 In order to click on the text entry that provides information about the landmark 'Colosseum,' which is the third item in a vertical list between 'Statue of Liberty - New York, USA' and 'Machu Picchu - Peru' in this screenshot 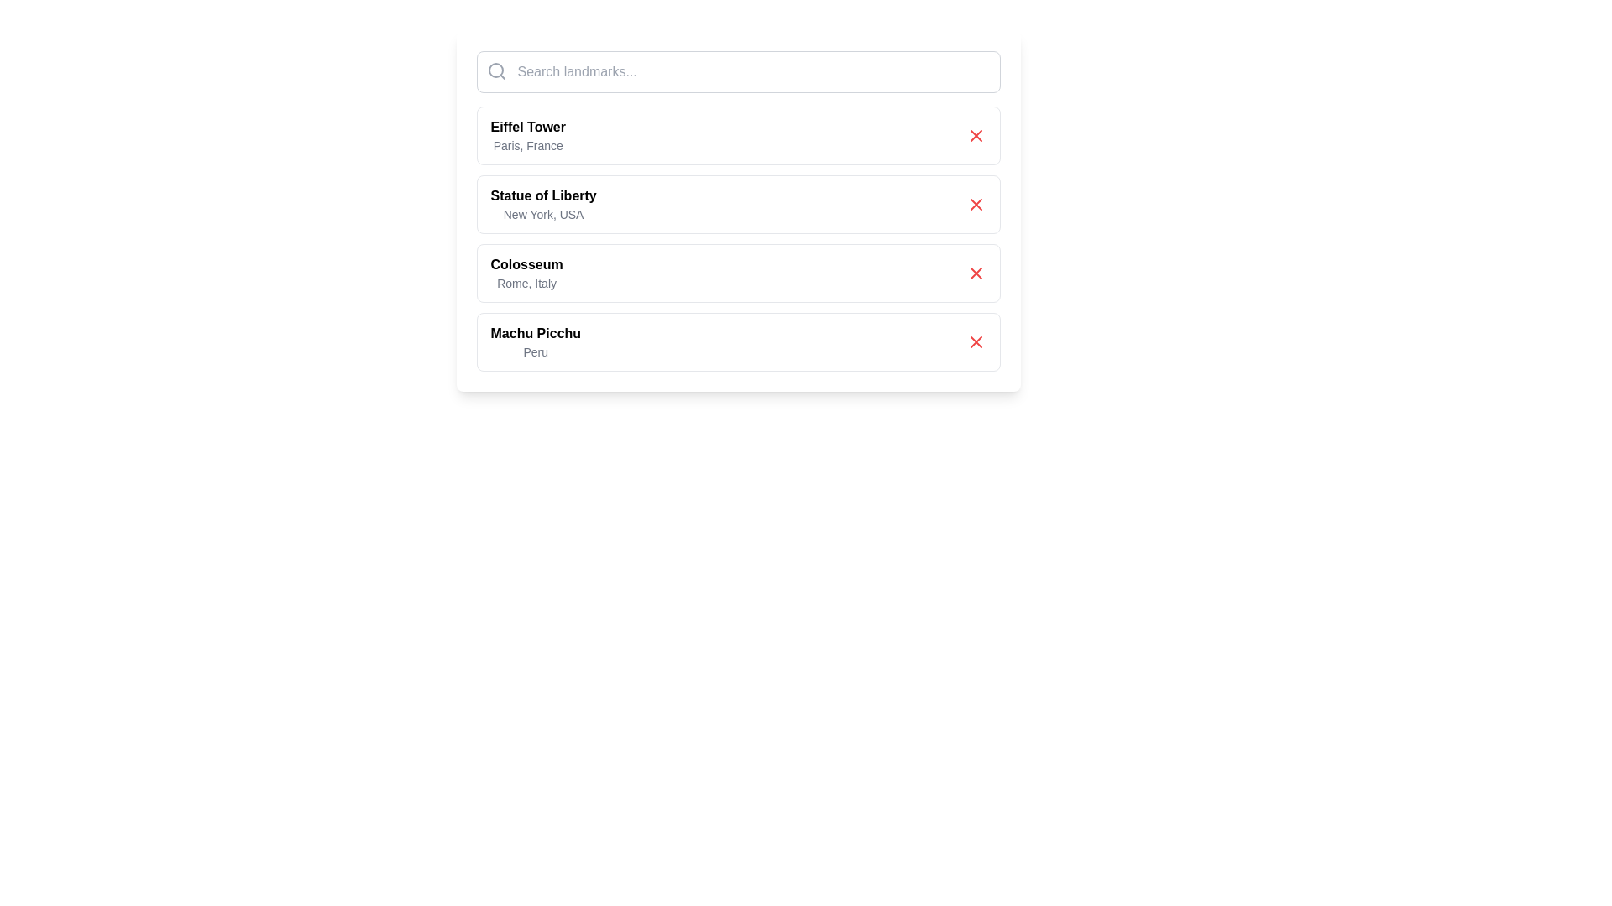, I will do `click(526, 273)`.